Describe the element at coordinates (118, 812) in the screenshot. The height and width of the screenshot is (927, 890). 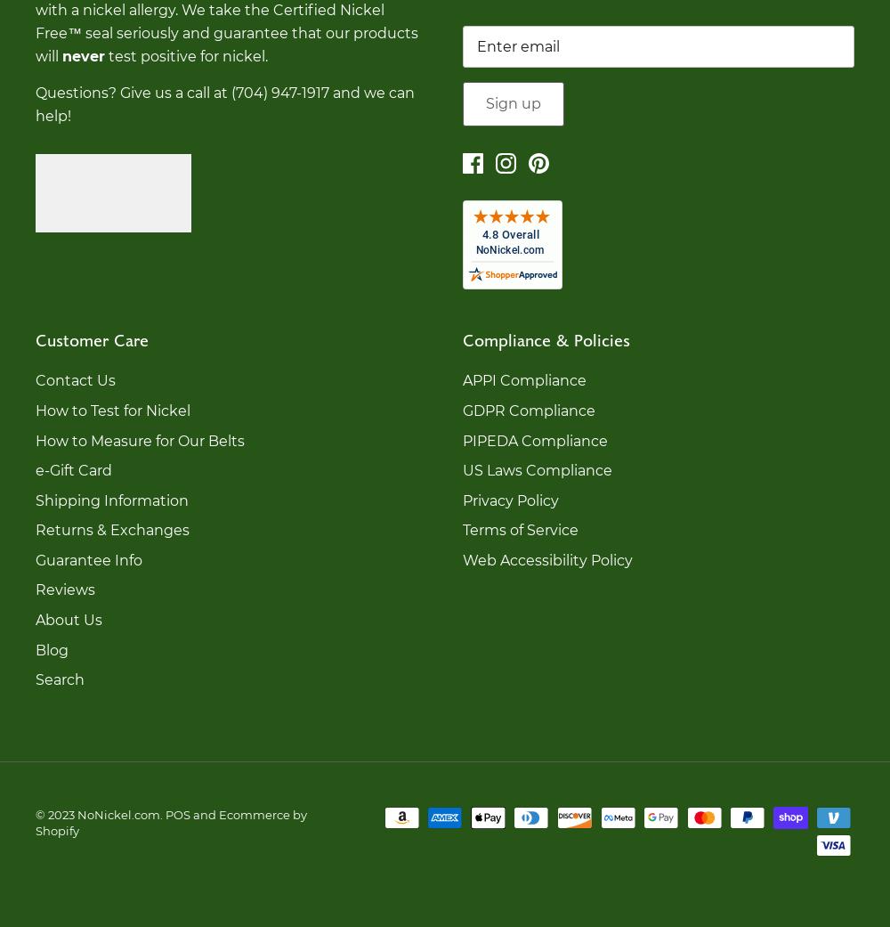
I see `'NoNickel.com'` at that location.